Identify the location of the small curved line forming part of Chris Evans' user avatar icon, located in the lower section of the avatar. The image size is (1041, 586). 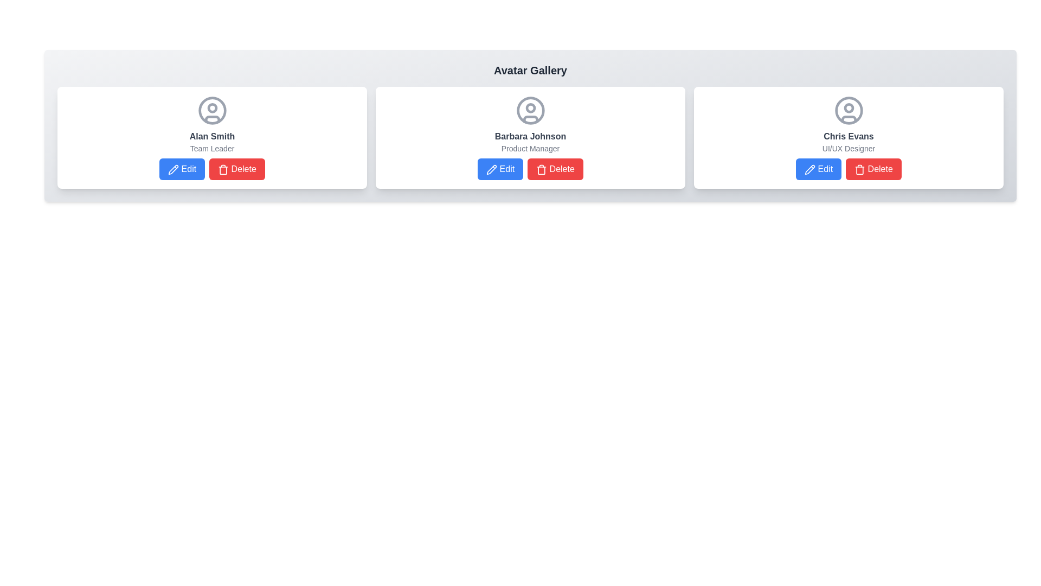
(848, 119).